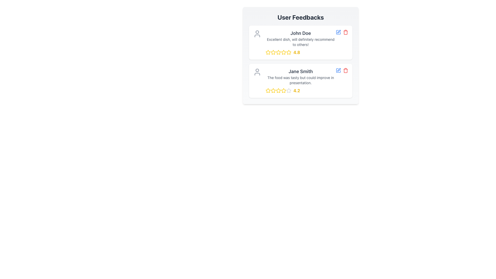  I want to click on the fourth star icon in the rating system for 'John Doe', which allows users to select a rating value, so click(278, 52).